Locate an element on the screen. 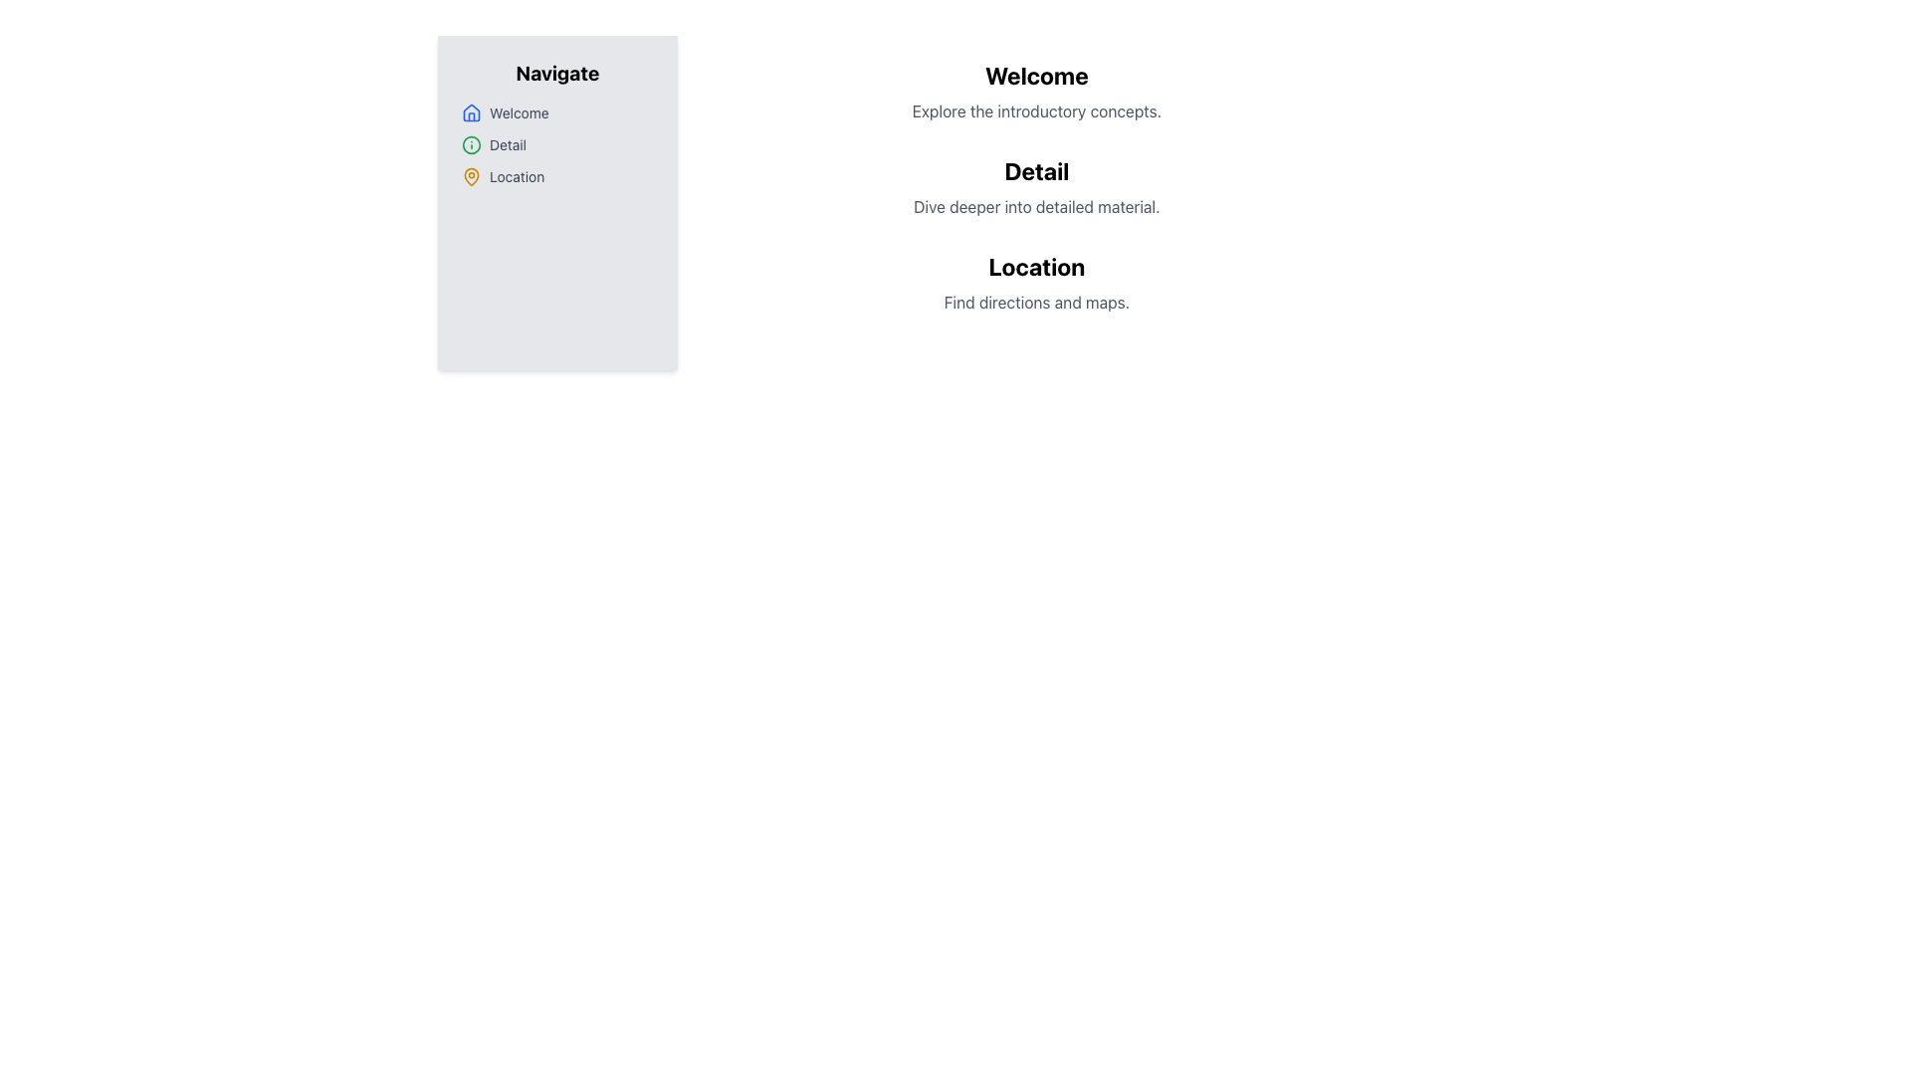  the prominent textual heading styled with a bold font displaying 'Welcome' located at the top of the content area is located at coordinates (1035, 75).